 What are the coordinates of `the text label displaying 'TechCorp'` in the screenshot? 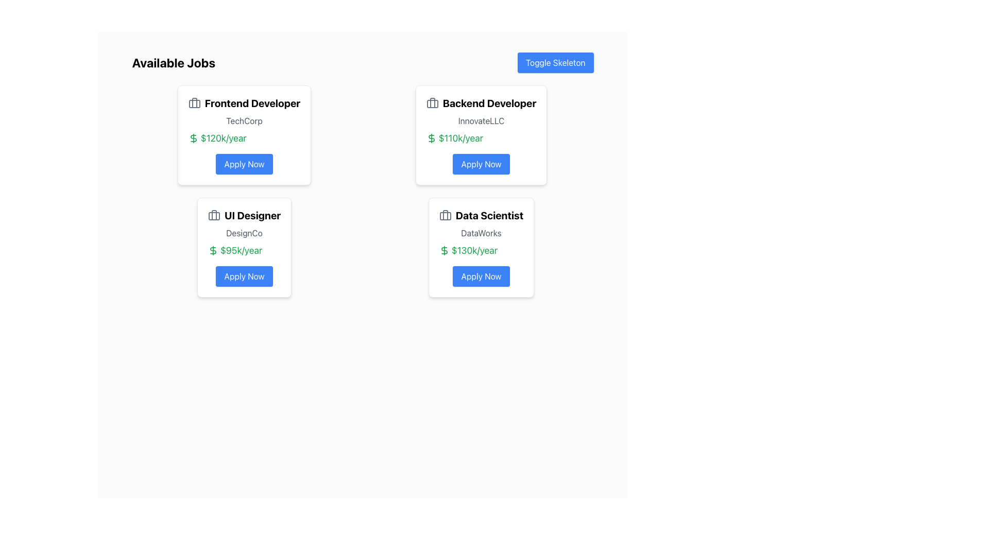 It's located at (244, 120).